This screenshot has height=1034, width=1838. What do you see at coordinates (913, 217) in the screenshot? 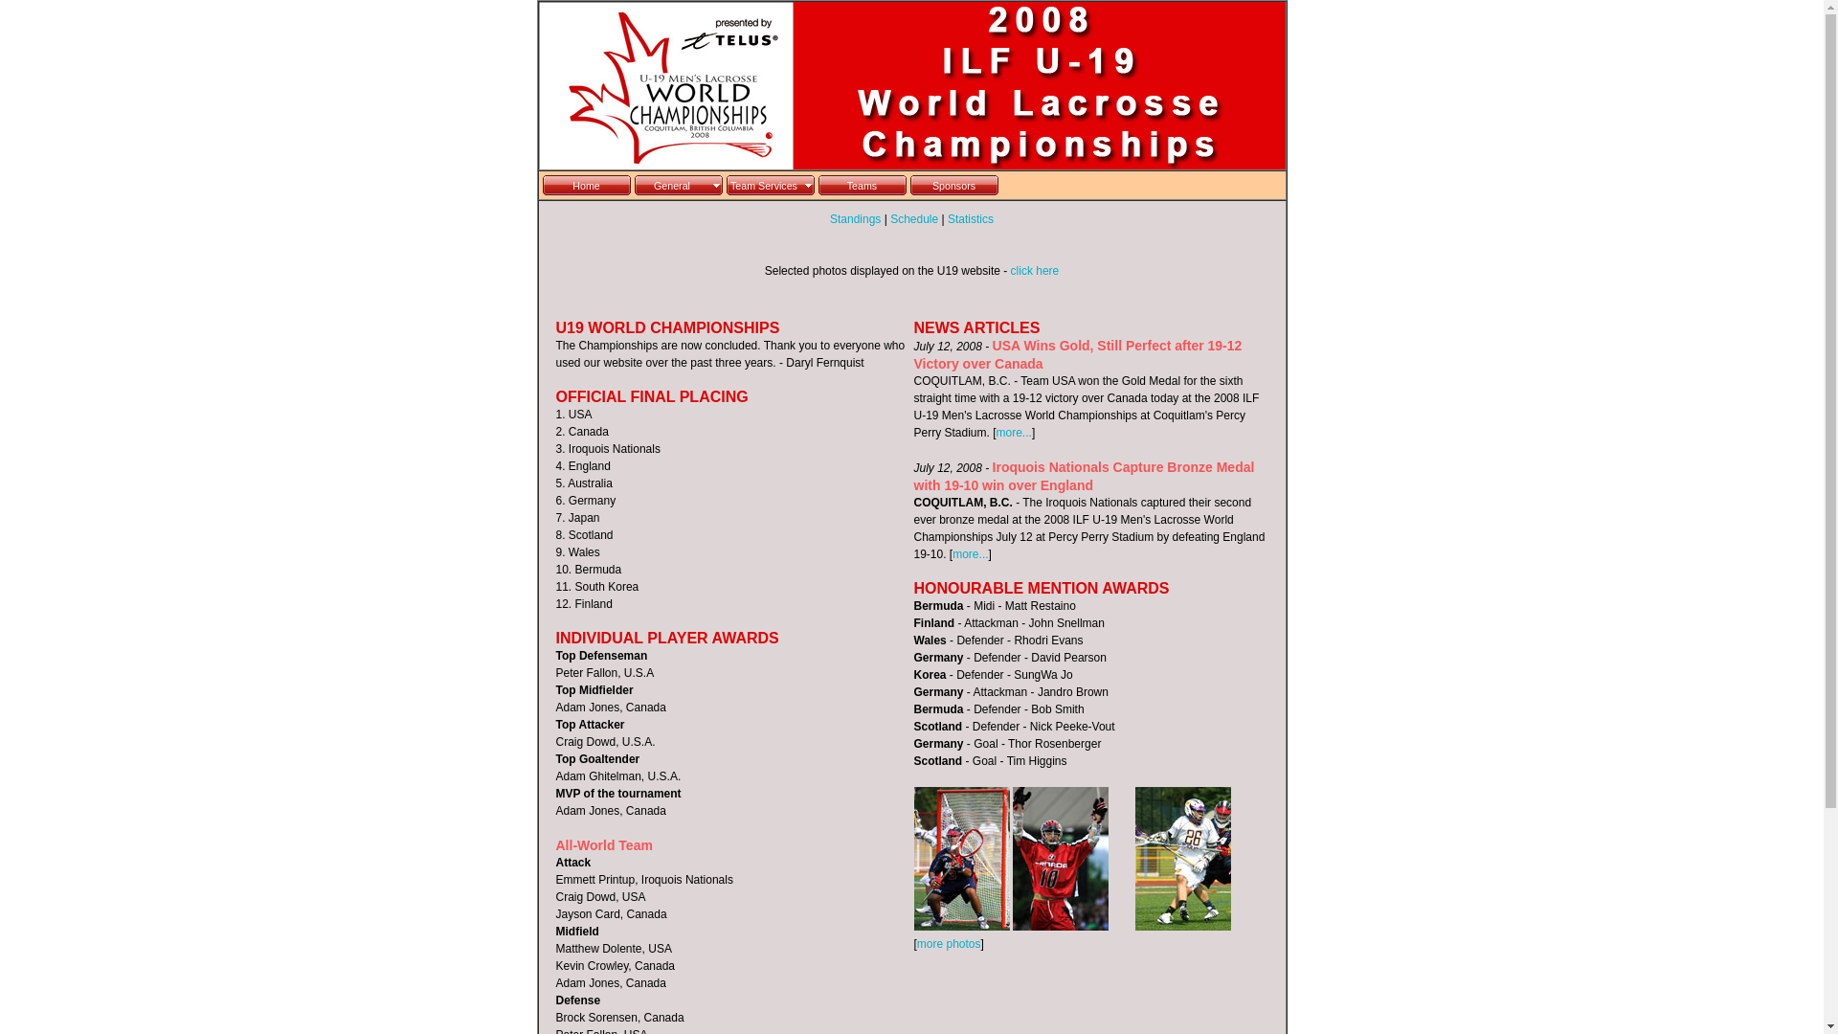
I see `'Schedule'` at bounding box center [913, 217].